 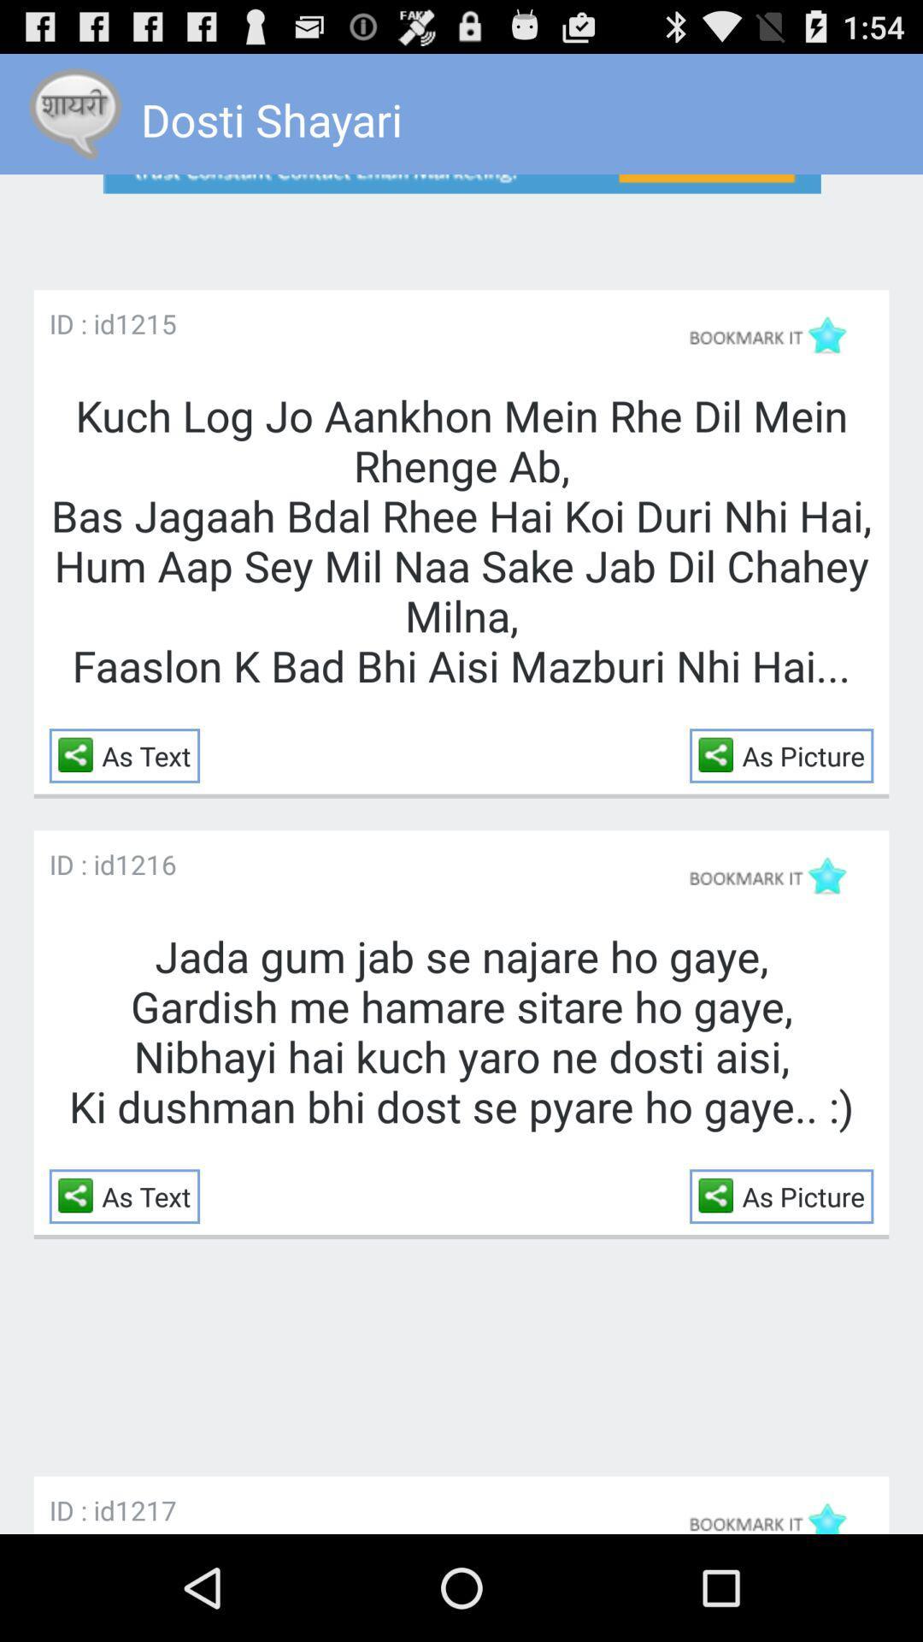 What do you see at coordinates (461, 1030) in the screenshot?
I see `app at the center` at bounding box center [461, 1030].